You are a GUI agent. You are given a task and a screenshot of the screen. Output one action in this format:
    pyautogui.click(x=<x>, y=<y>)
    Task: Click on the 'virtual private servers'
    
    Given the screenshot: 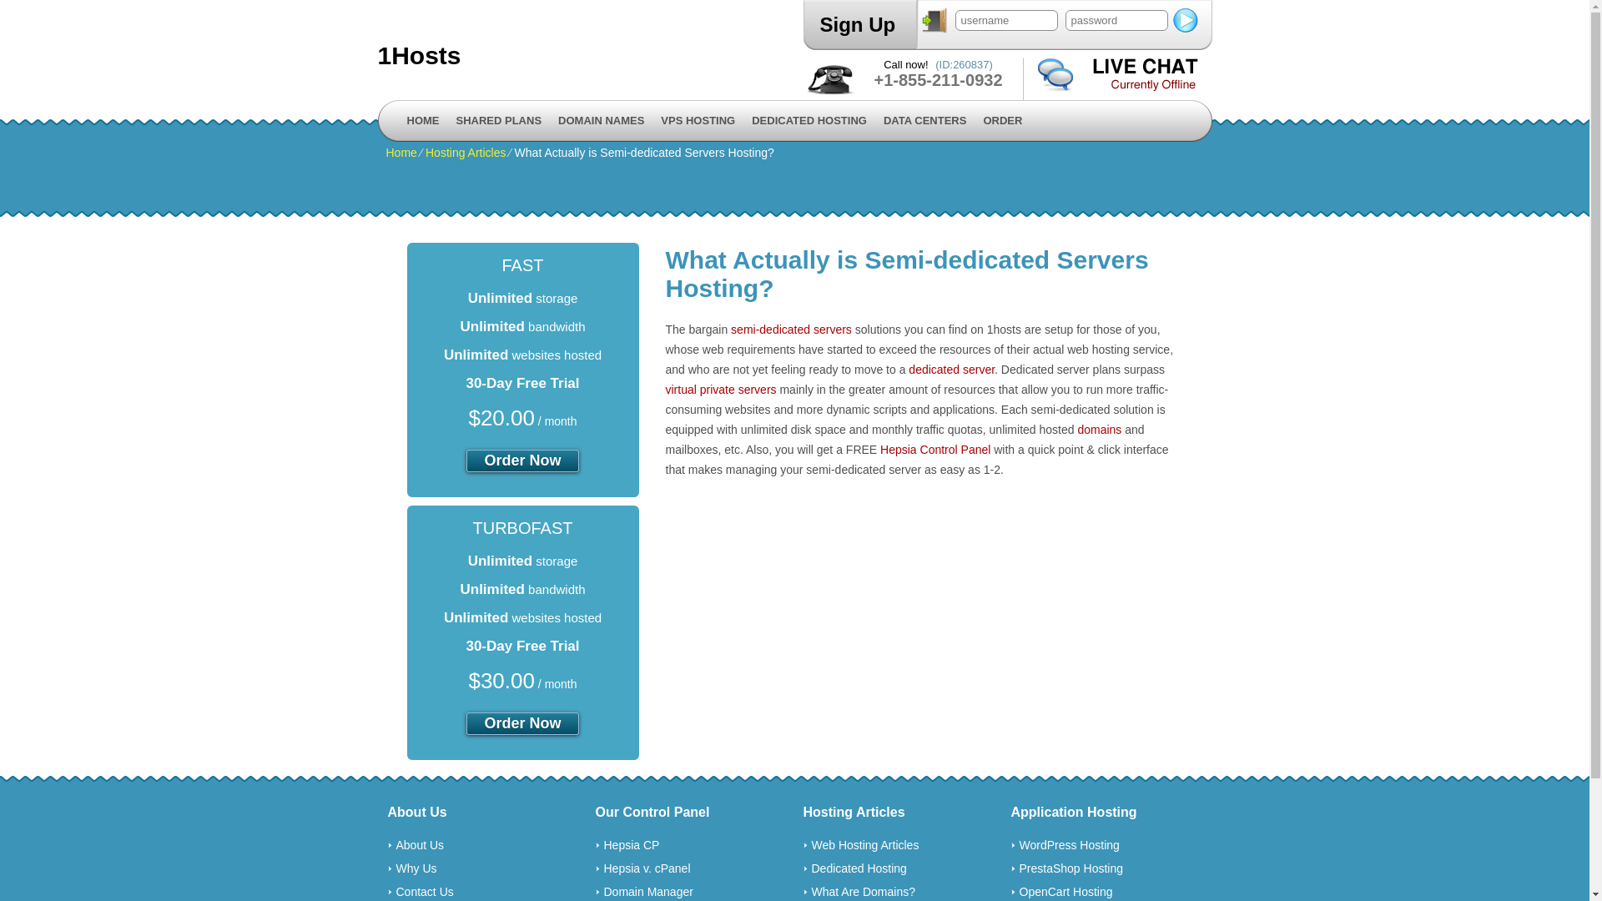 What is the action you would take?
    pyautogui.click(x=721, y=389)
    